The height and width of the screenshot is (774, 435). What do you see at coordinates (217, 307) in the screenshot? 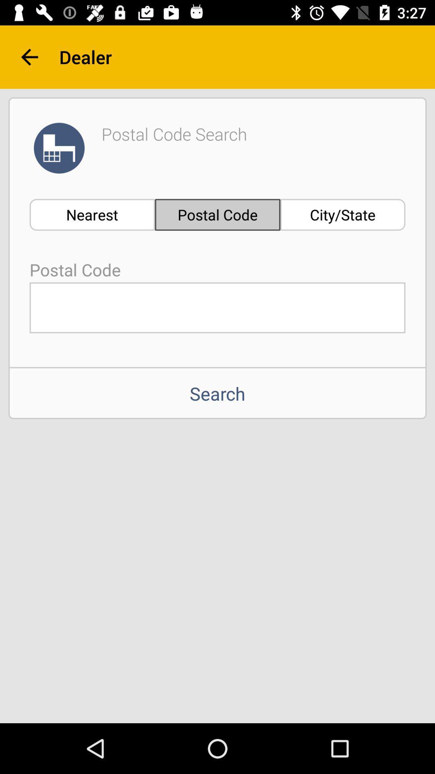
I see `field` at bounding box center [217, 307].